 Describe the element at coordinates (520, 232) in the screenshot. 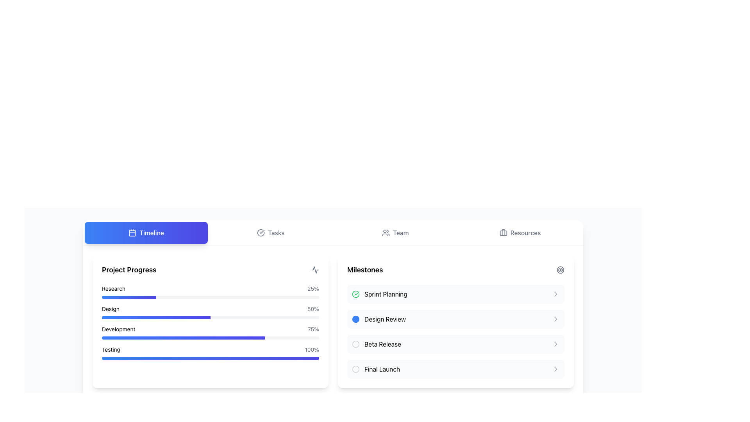

I see `the 'Resources' button, which is a light gray rectangular button with rounded corners, featuring a briefcase icon and centered text, located in the top navigation bar` at that location.